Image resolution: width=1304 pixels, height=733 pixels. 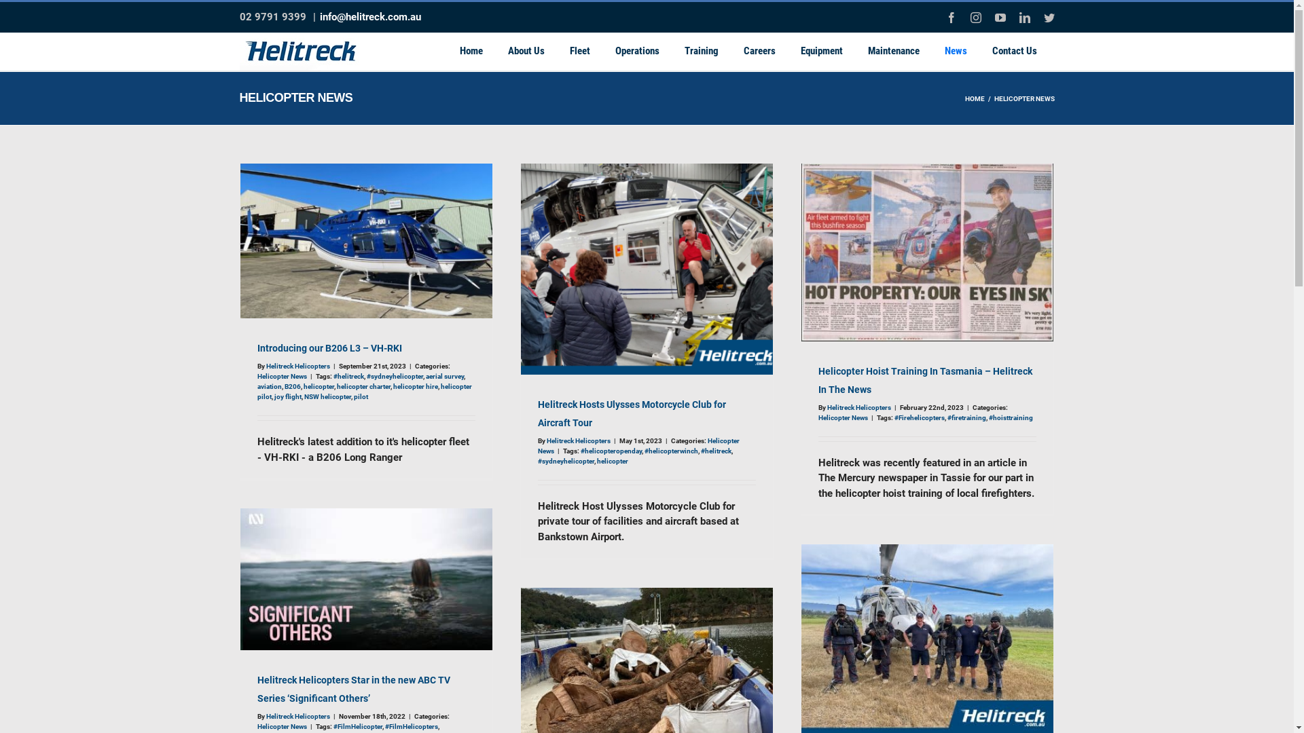 What do you see at coordinates (471, 50) in the screenshot?
I see `'Home'` at bounding box center [471, 50].